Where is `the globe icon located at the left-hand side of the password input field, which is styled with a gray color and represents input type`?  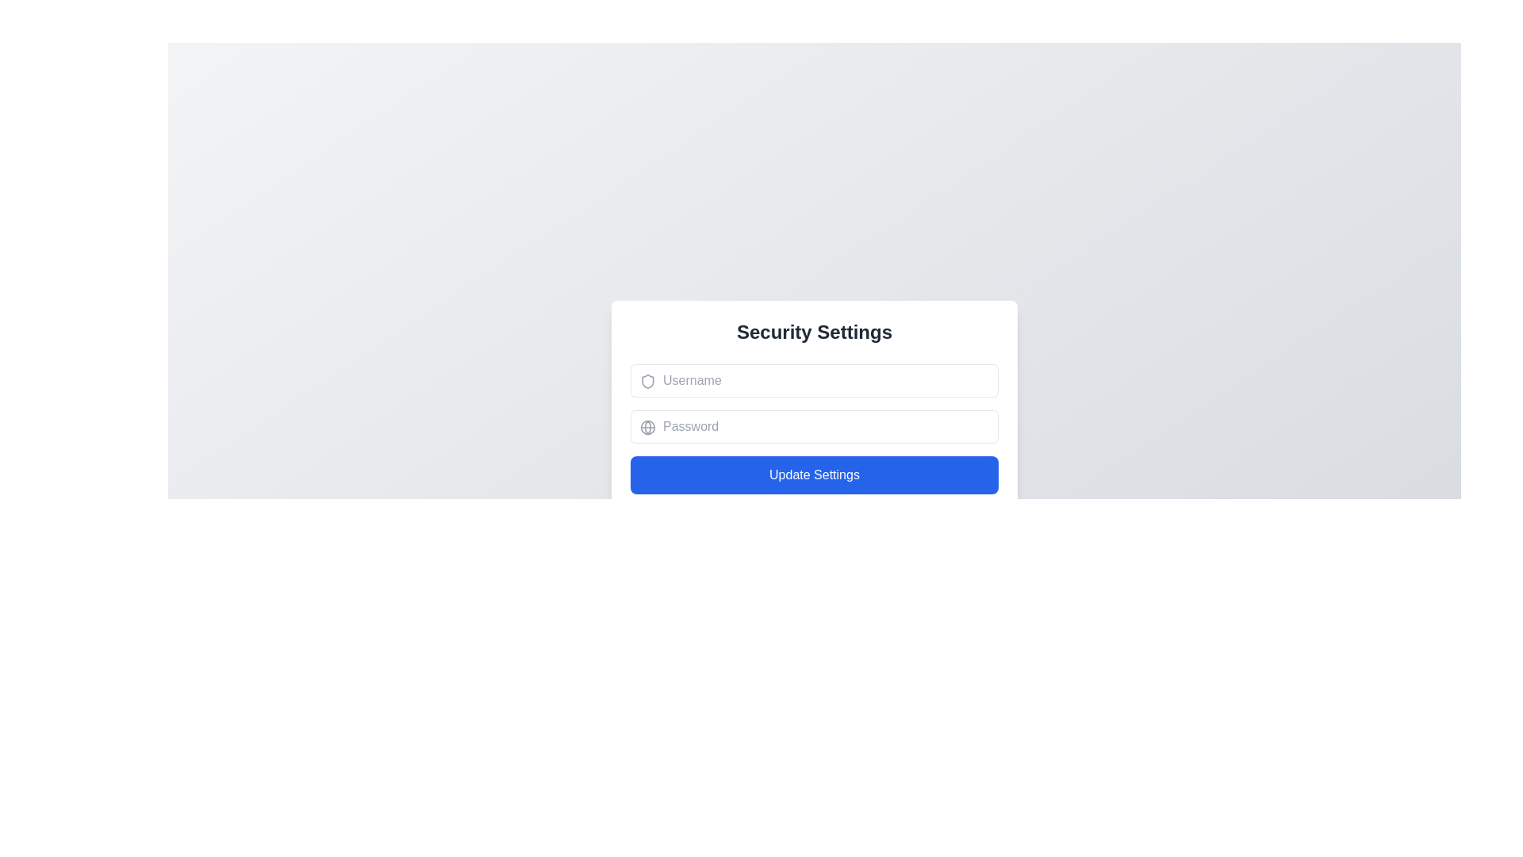 the globe icon located at the left-hand side of the password input field, which is styled with a gray color and represents input type is located at coordinates (647, 425).